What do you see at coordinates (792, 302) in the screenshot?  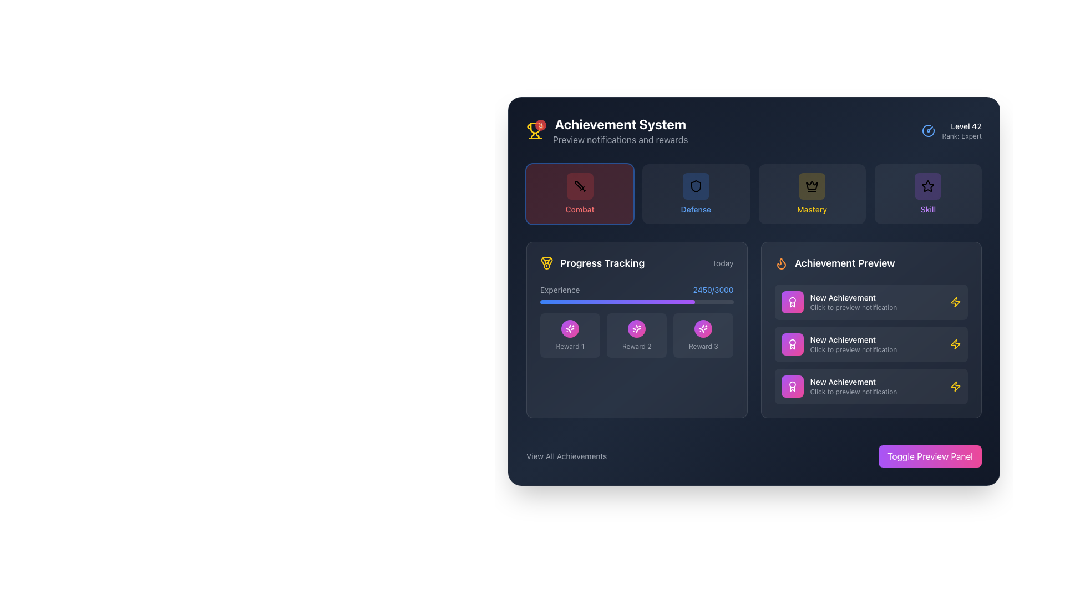 I see `the square gradient-filled icon button with a white award icon, located in the first notification entry of the 'Achievement Preview' section` at bounding box center [792, 302].